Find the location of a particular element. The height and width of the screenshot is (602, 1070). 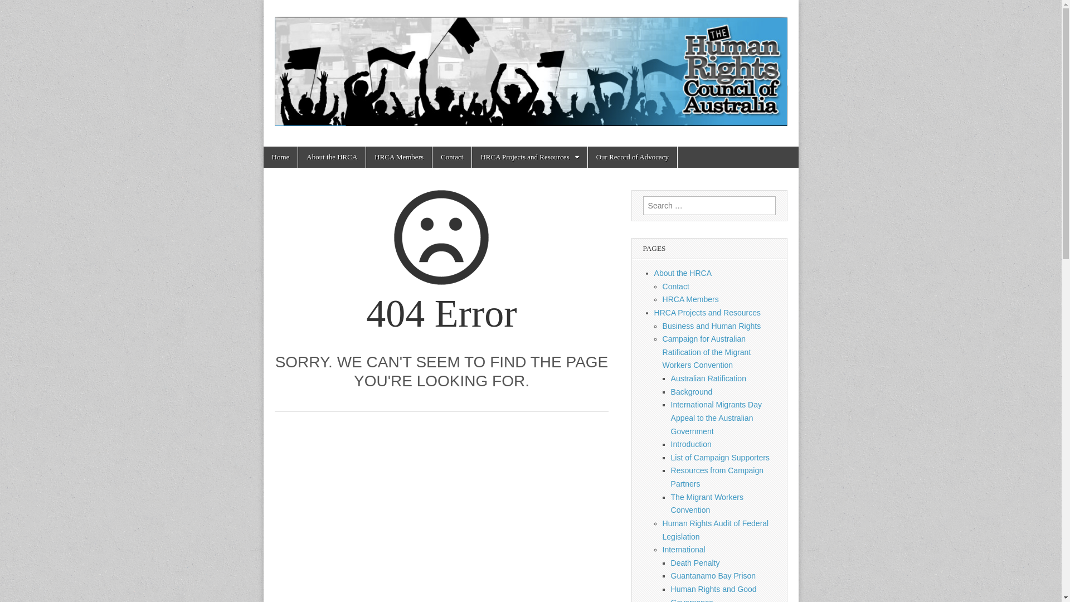

'Business and Human Rights' is located at coordinates (711, 326).